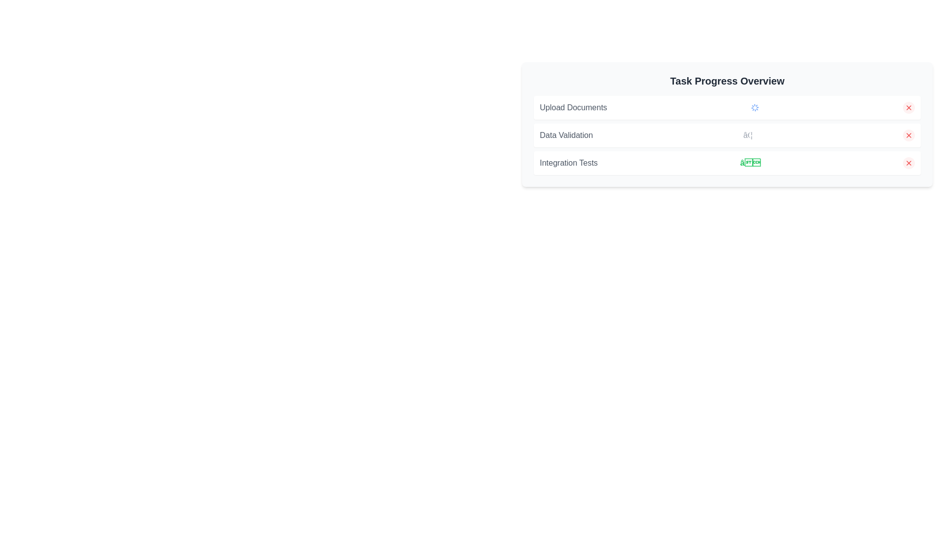 The image size is (950, 534). What do you see at coordinates (909, 163) in the screenshot?
I see `the circular button with a light-red background and a red 'X' icon, located at the far right of the 'Integration Tests' row, to trigger hover effects` at bounding box center [909, 163].